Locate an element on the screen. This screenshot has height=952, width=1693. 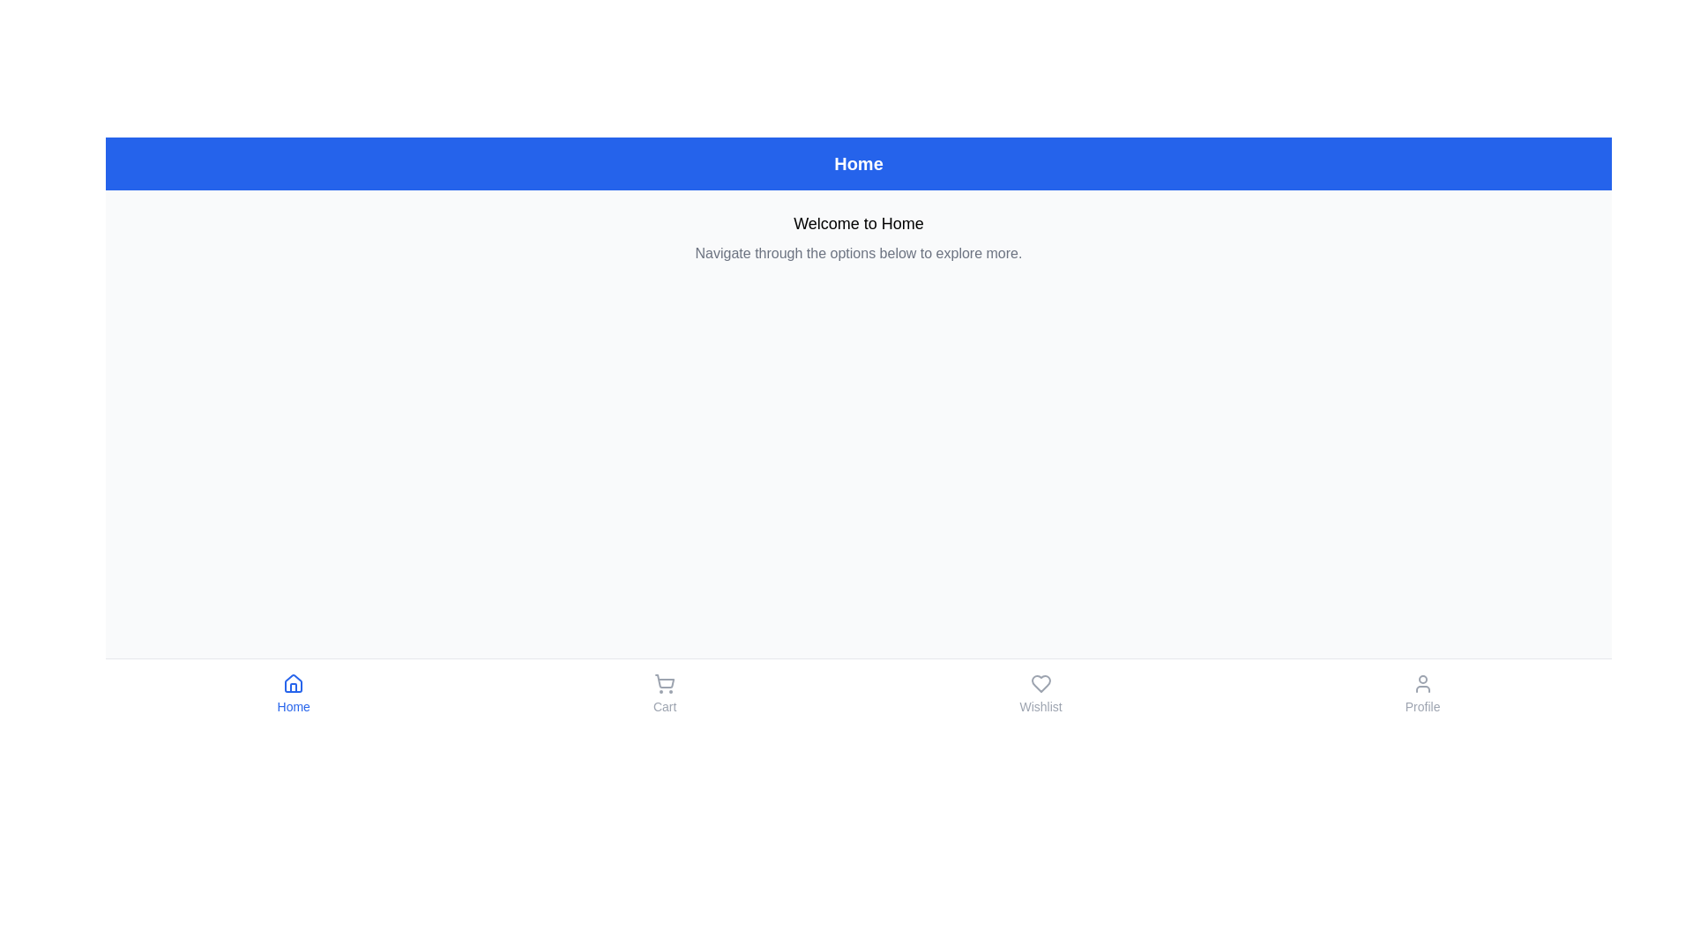
text label that describes the function of the heart-shaped icon, indicating it corresponds to the 'Wishlist' or favorites feature is located at coordinates (1040, 706).